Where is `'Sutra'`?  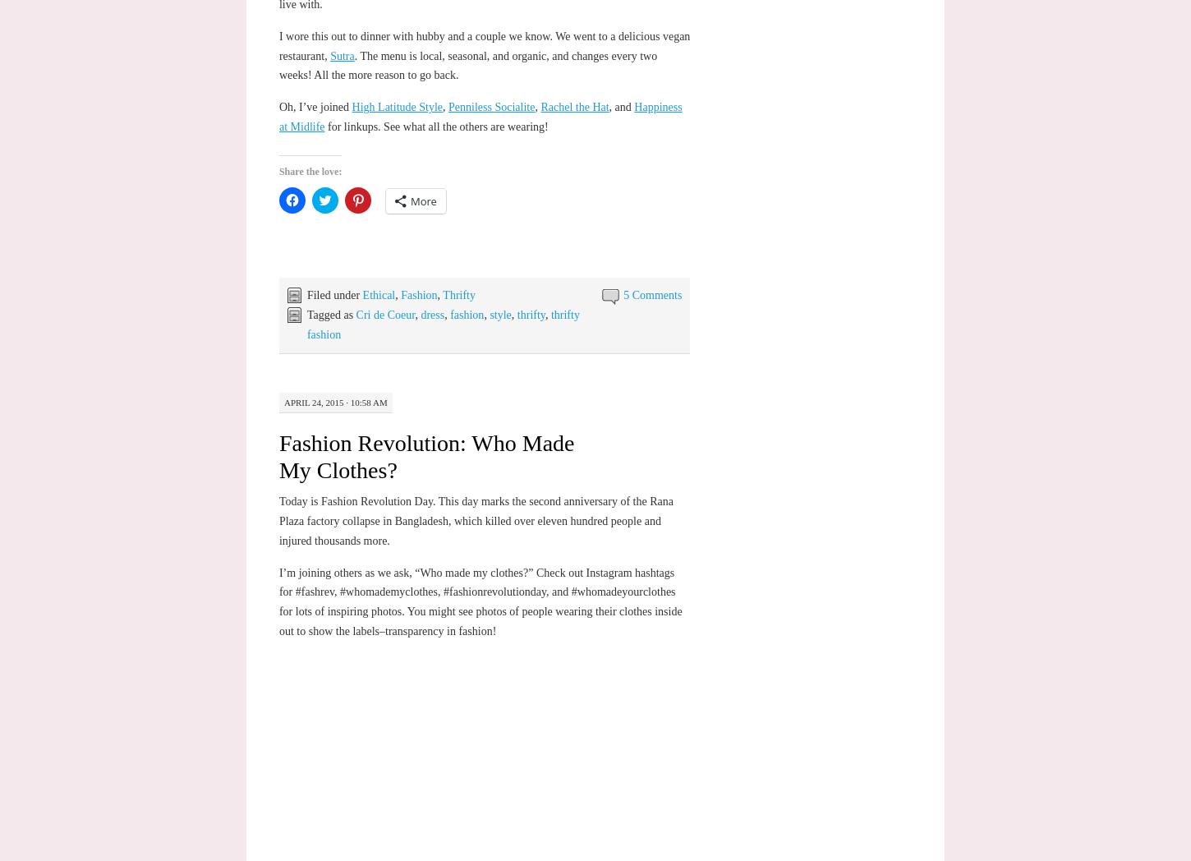
'Sutra' is located at coordinates (341, 55).